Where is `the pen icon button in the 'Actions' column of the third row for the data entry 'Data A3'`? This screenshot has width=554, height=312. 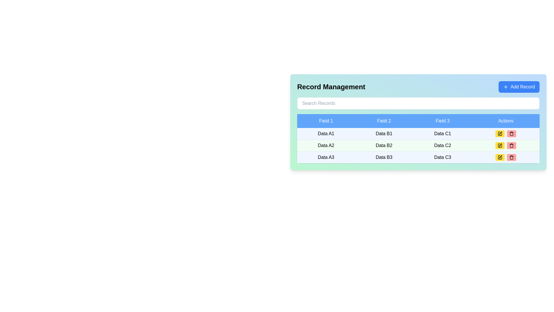 the pen icon button in the 'Actions' column of the third row for the data entry 'Data A3' is located at coordinates (500, 157).